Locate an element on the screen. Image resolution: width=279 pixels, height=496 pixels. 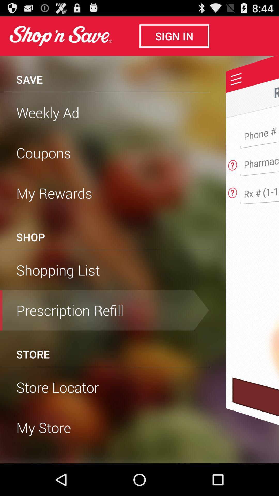
open menu is located at coordinates (236, 79).